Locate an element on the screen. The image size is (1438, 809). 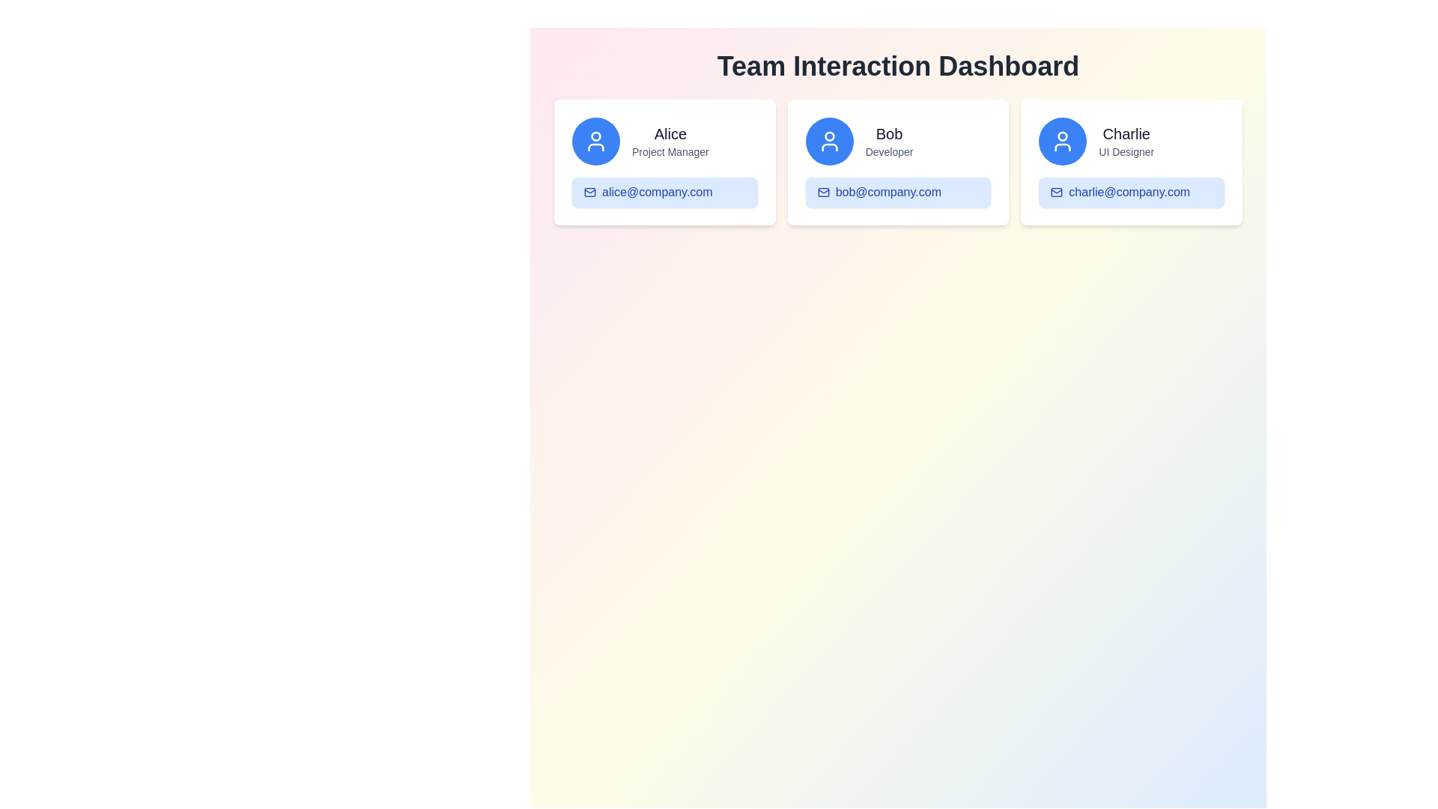
the circular icon representing 'Alice' located at the top-left of her profile card, directly above her name and role is located at coordinates (595, 142).